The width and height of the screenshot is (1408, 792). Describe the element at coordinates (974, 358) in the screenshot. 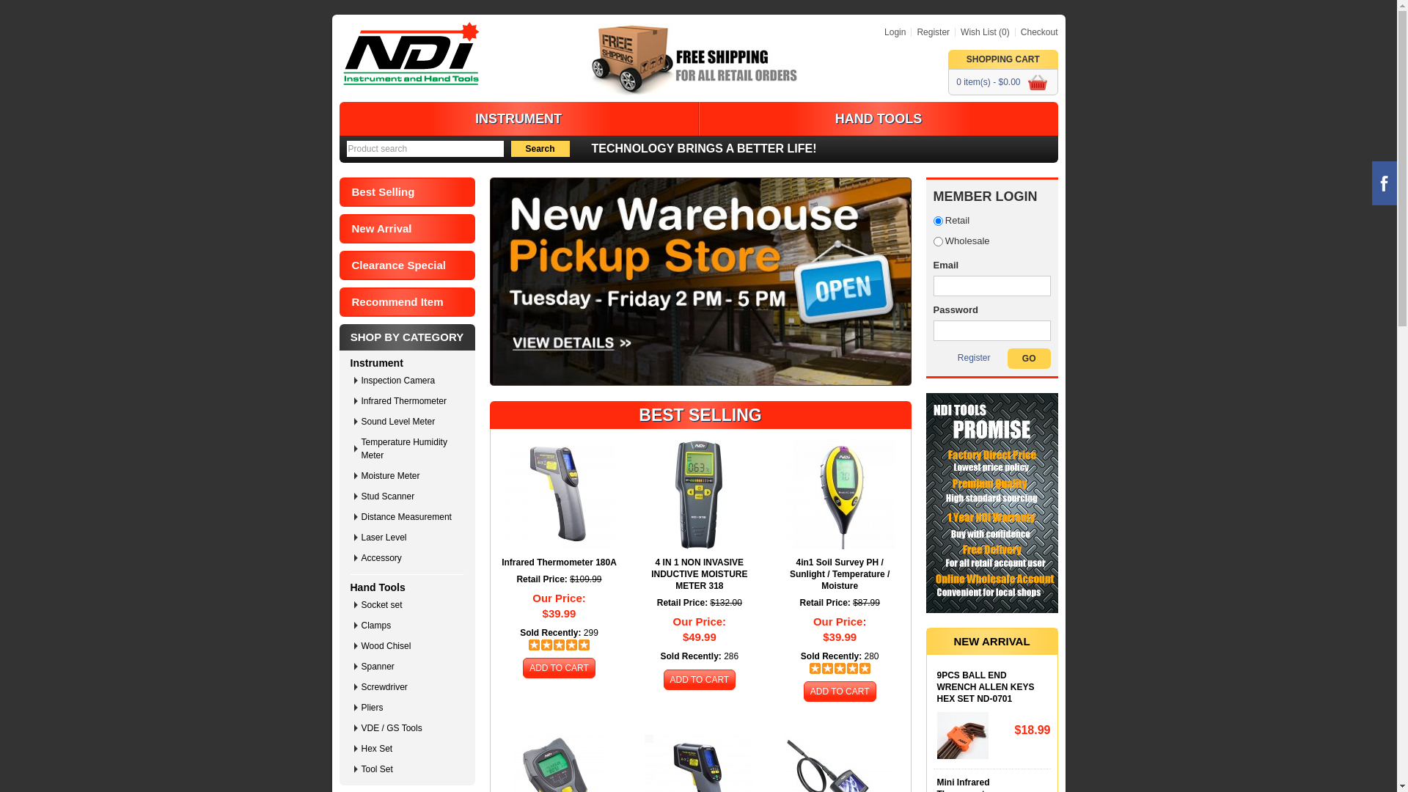

I see `'Register'` at that location.